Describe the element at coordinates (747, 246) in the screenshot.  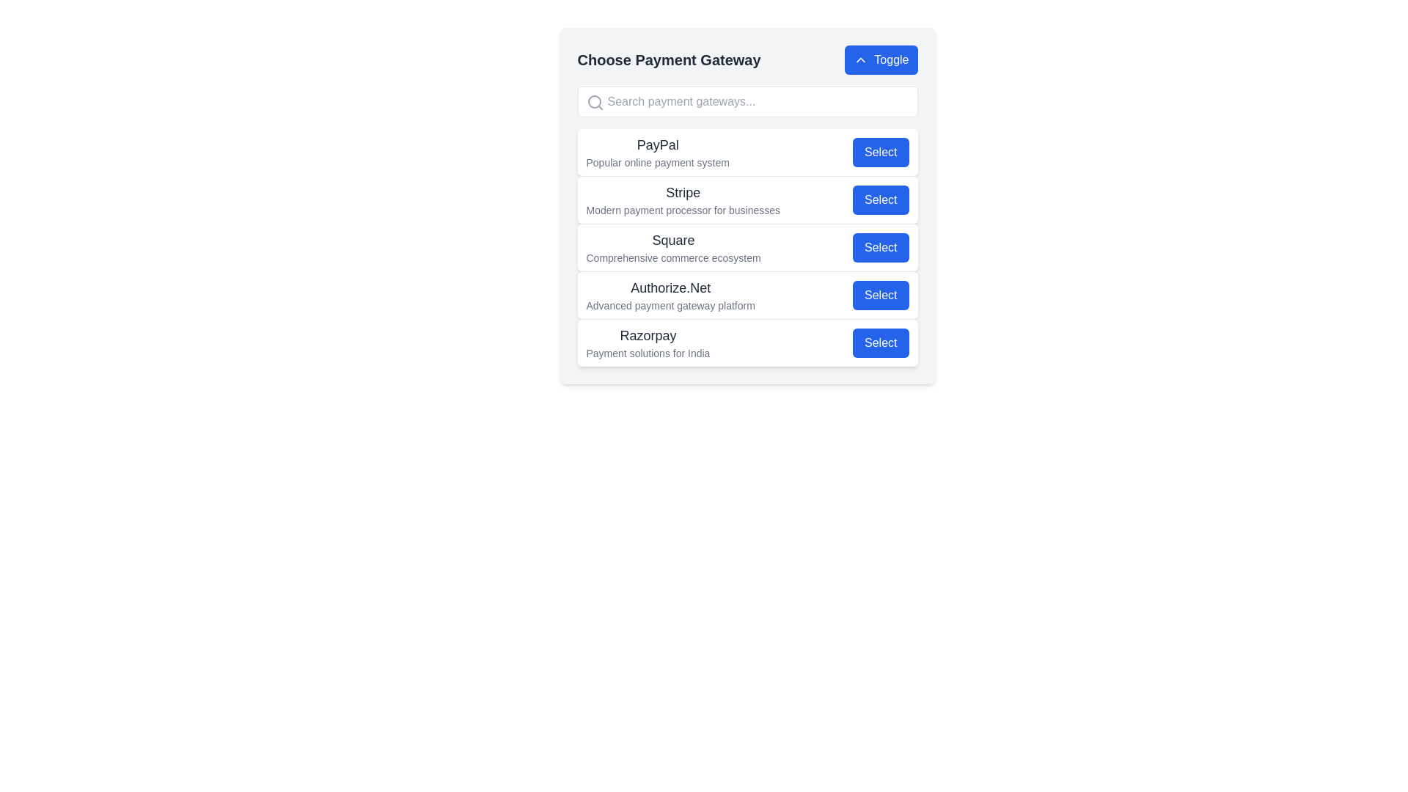
I see `the 'Select' button for the 'Square' payment gateway option located in the third position of the payment options list` at that location.